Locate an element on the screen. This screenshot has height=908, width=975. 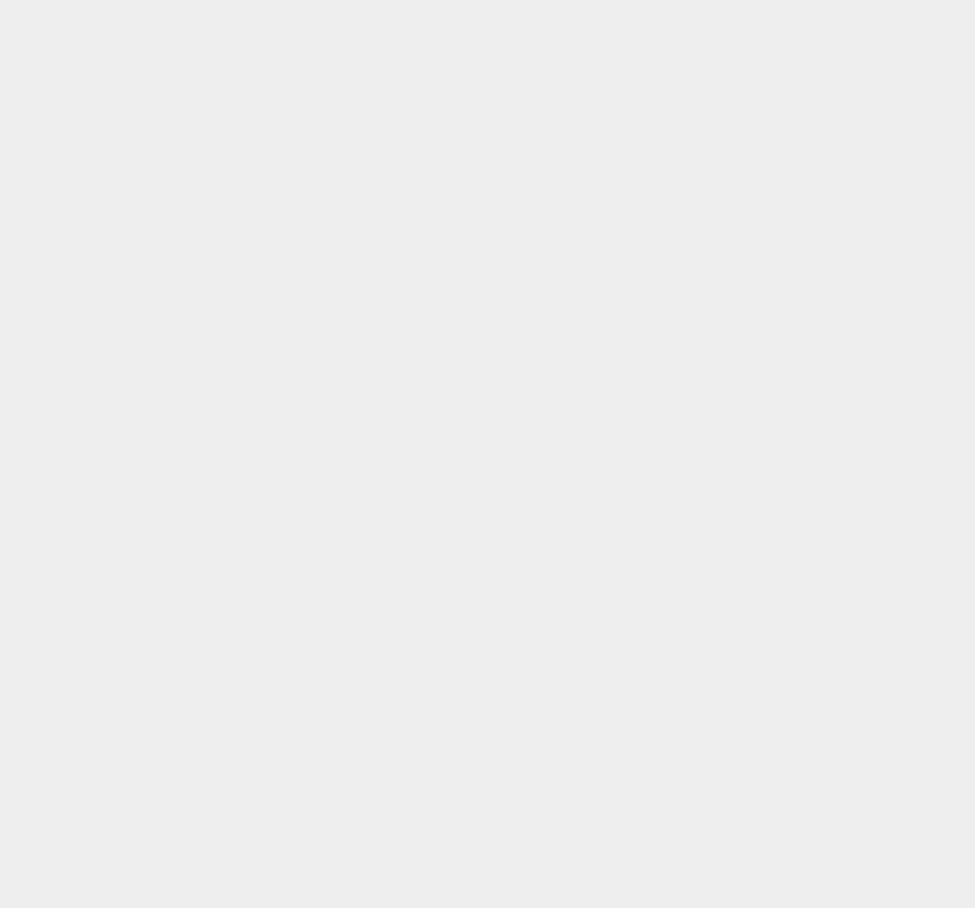
'Emulator' is located at coordinates (712, 245).